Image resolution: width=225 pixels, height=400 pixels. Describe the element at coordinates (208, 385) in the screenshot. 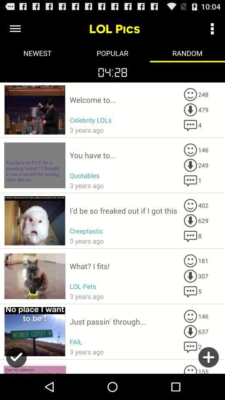

I see `the add icon` at that location.